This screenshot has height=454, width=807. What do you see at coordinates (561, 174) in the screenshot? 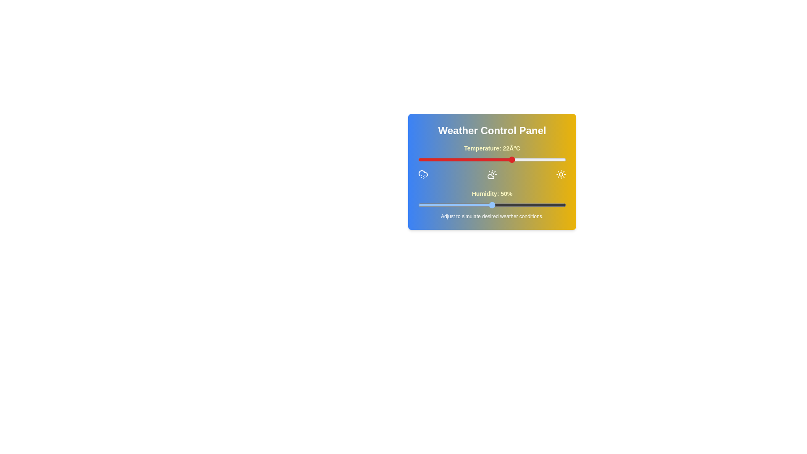
I see `the icon representing sunny weather in the top-right corner of the weather control panel to interact with it` at bounding box center [561, 174].